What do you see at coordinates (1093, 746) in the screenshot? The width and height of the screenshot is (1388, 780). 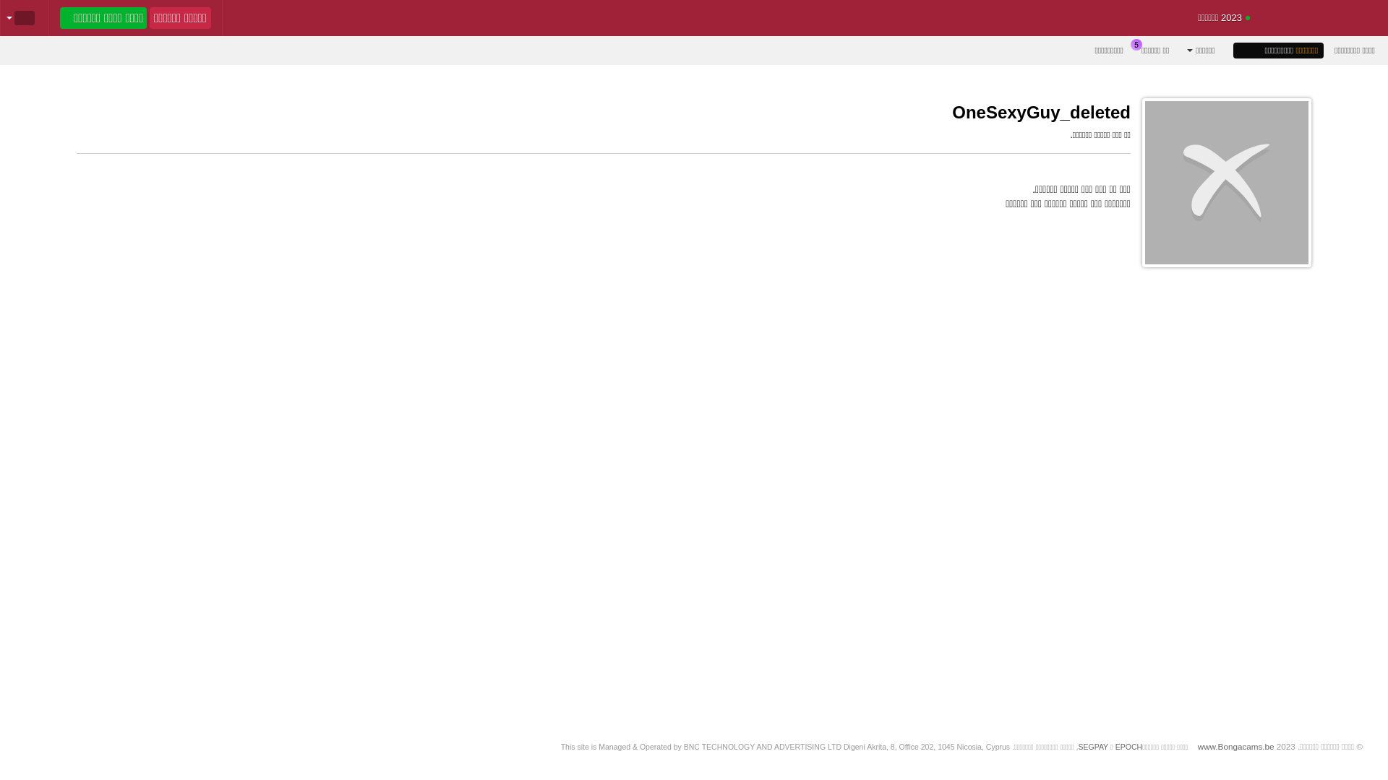 I see `'SEGPAY'` at bounding box center [1093, 746].